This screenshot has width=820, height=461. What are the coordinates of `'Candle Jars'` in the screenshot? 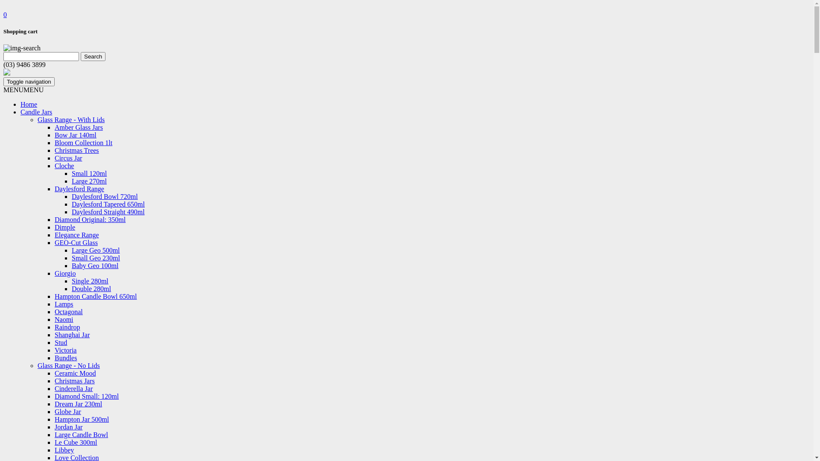 It's located at (36, 111).